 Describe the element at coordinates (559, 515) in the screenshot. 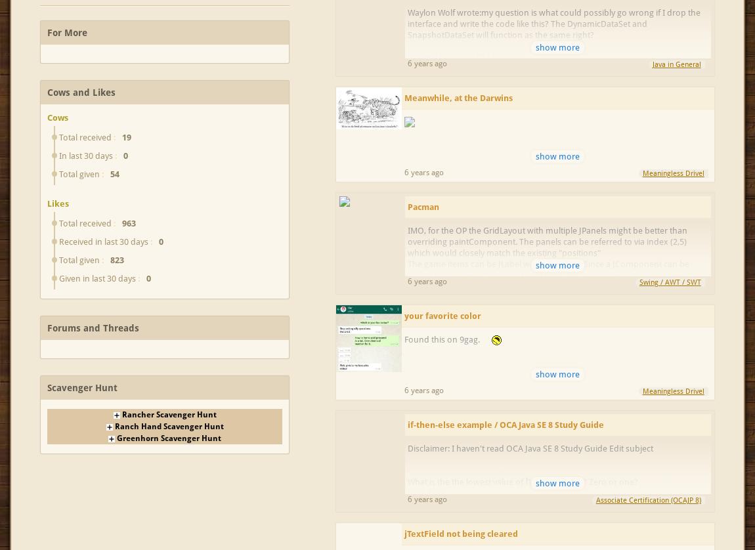

I see `'will be'` at that location.